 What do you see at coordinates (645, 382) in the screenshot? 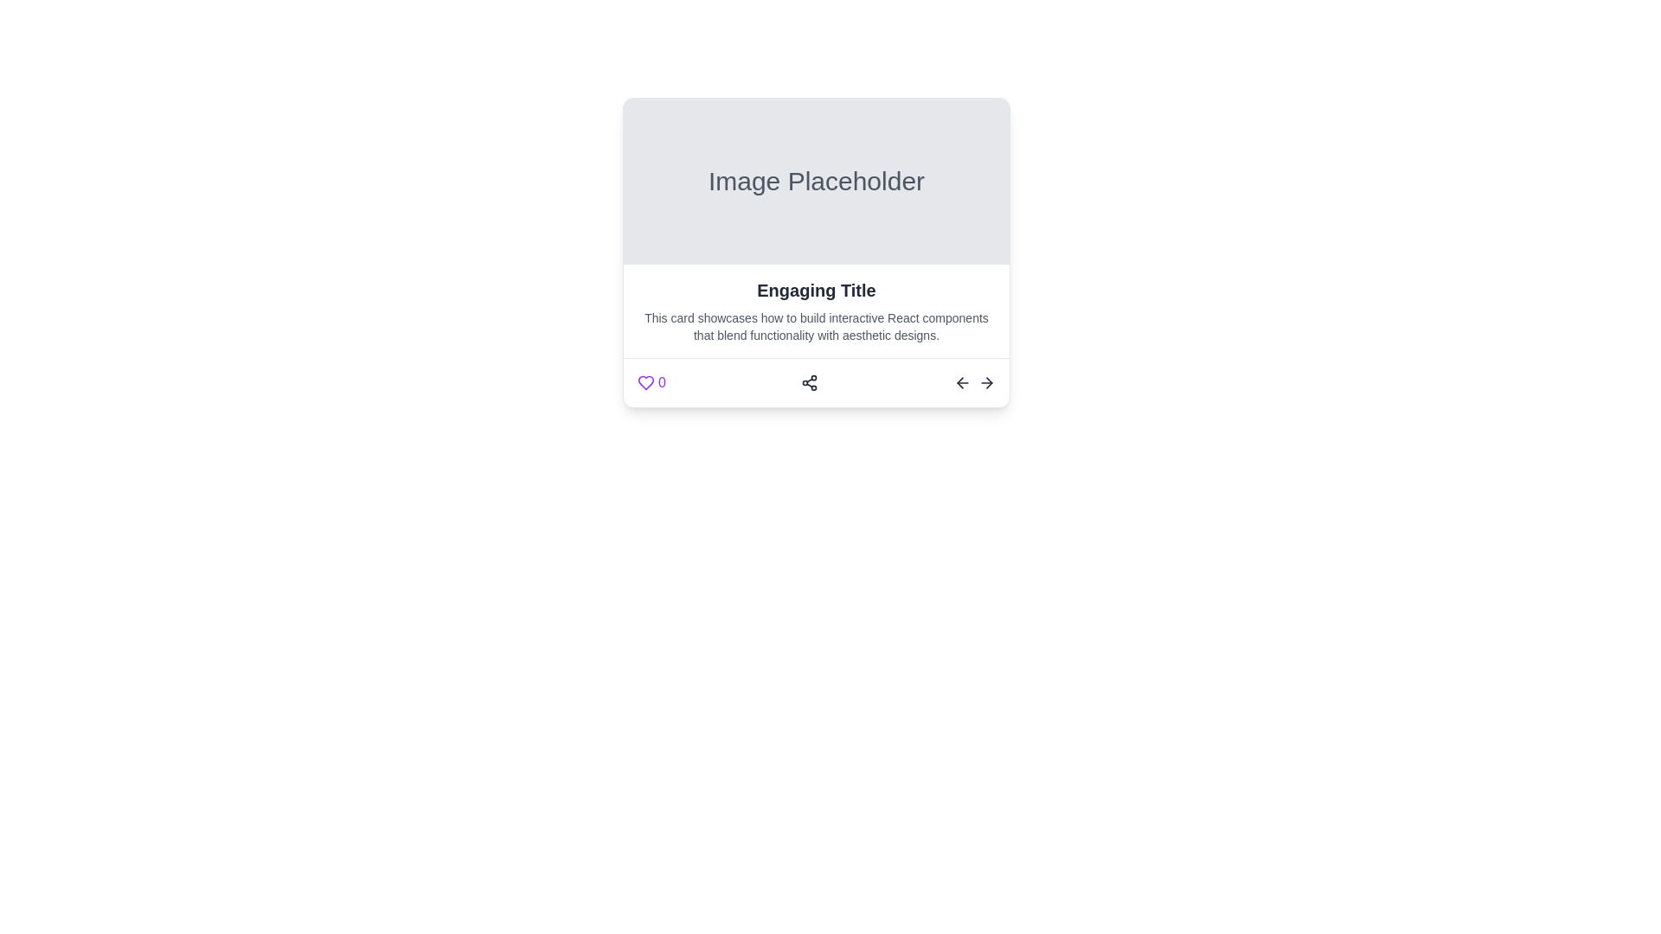
I see `the heart-shaped SVG icon used as a 'favorite' or 'like' button located at the bottom left of the card, next to a count label displaying '0'` at bounding box center [645, 382].